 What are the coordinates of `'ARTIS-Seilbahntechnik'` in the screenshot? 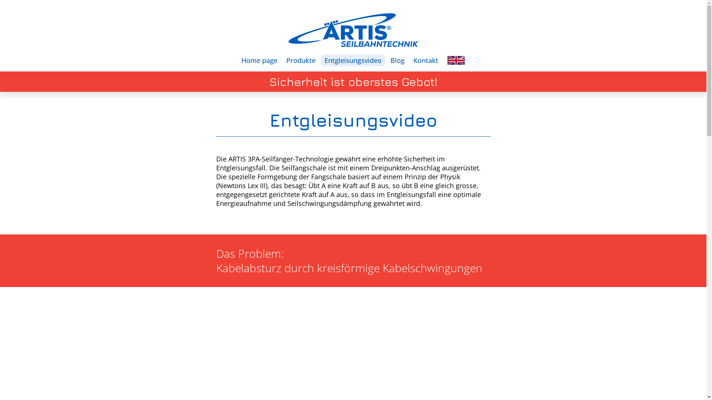 It's located at (288, 30).